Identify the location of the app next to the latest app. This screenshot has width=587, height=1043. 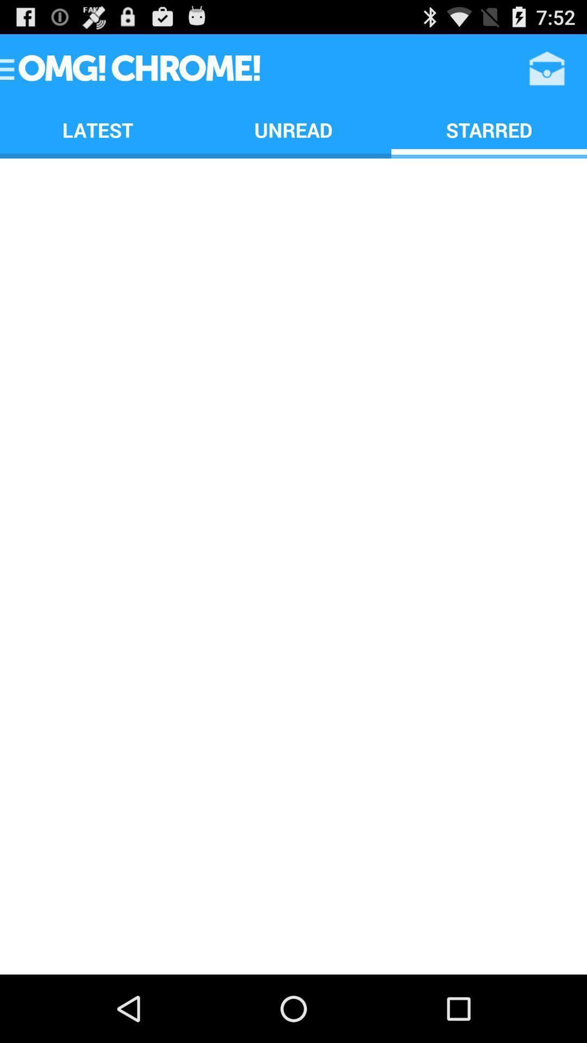
(293, 130).